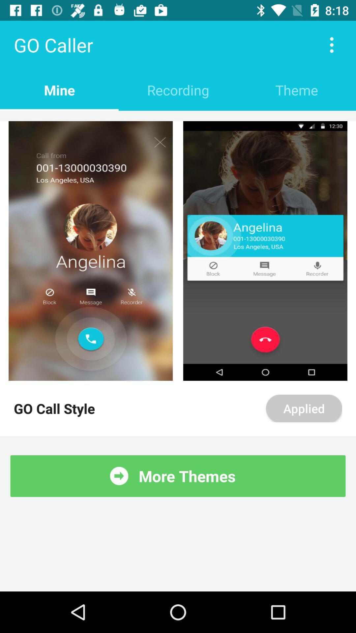 Image resolution: width=356 pixels, height=633 pixels. I want to click on the icon next to recording icon, so click(296, 90).